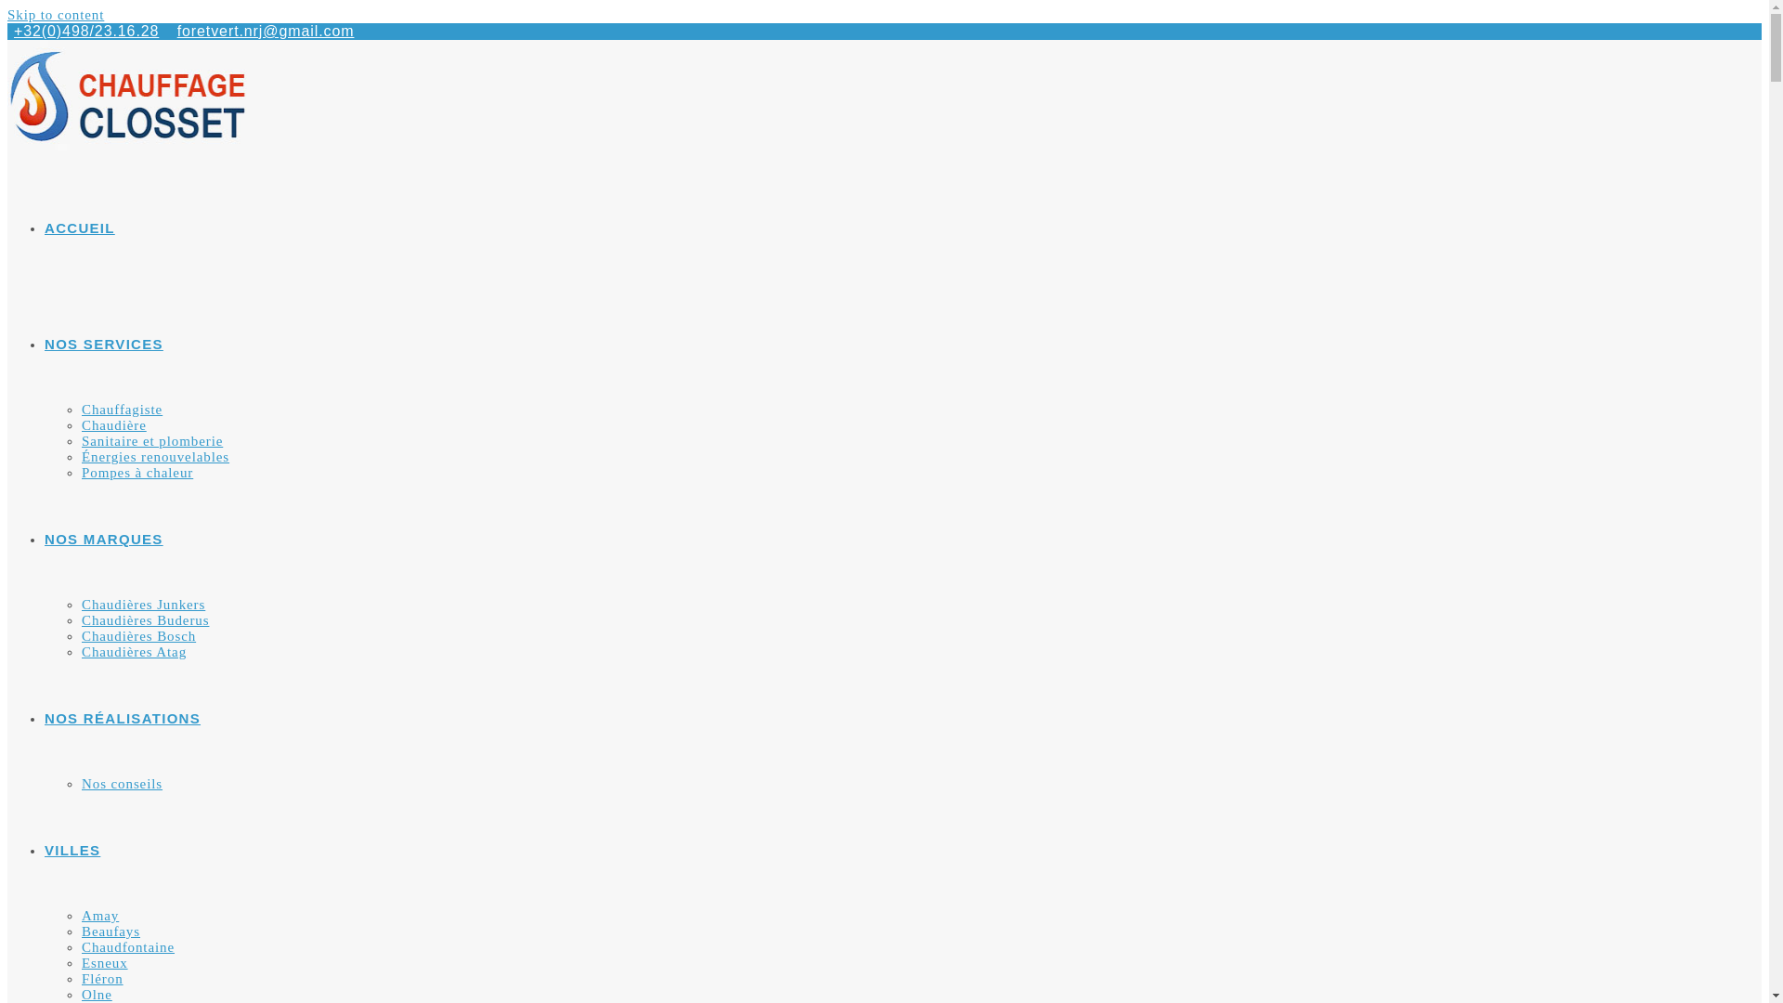 The width and height of the screenshot is (1783, 1003). I want to click on 'Chaudfontaine', so click(127, 946).